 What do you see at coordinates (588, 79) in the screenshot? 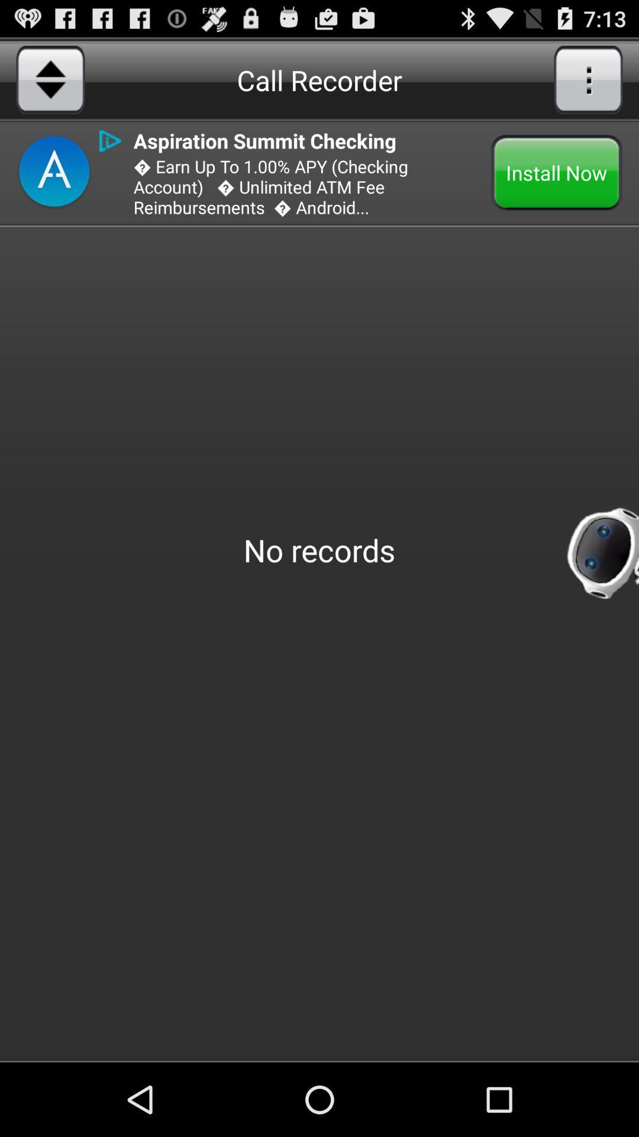
I see `the menu icon` at bounding box center [588, 79].